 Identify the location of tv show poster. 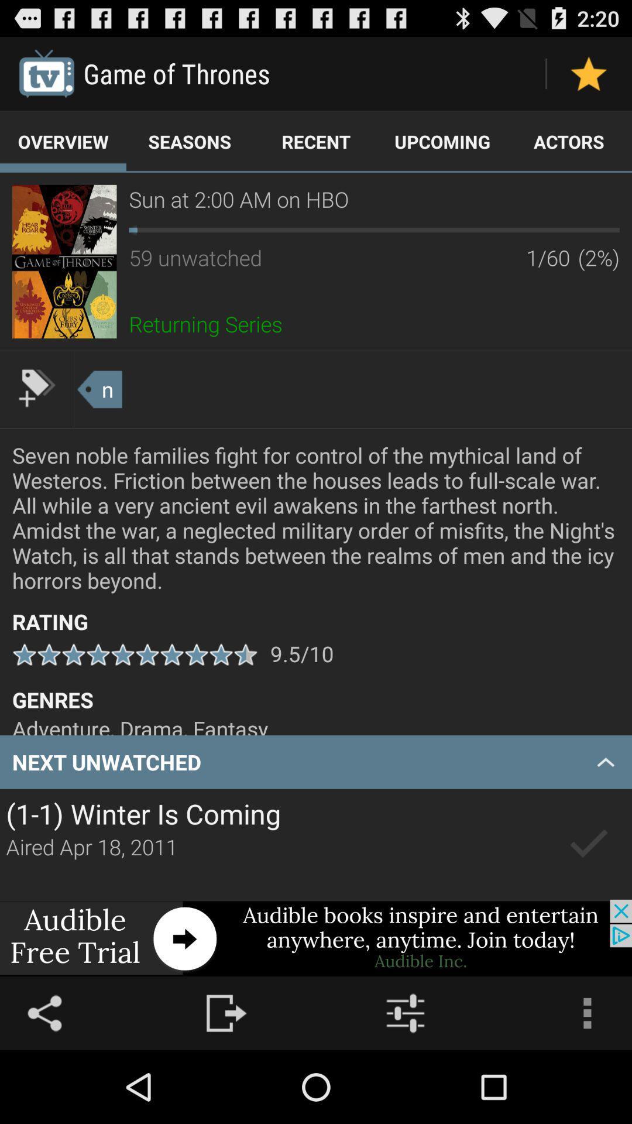
(64, 261).